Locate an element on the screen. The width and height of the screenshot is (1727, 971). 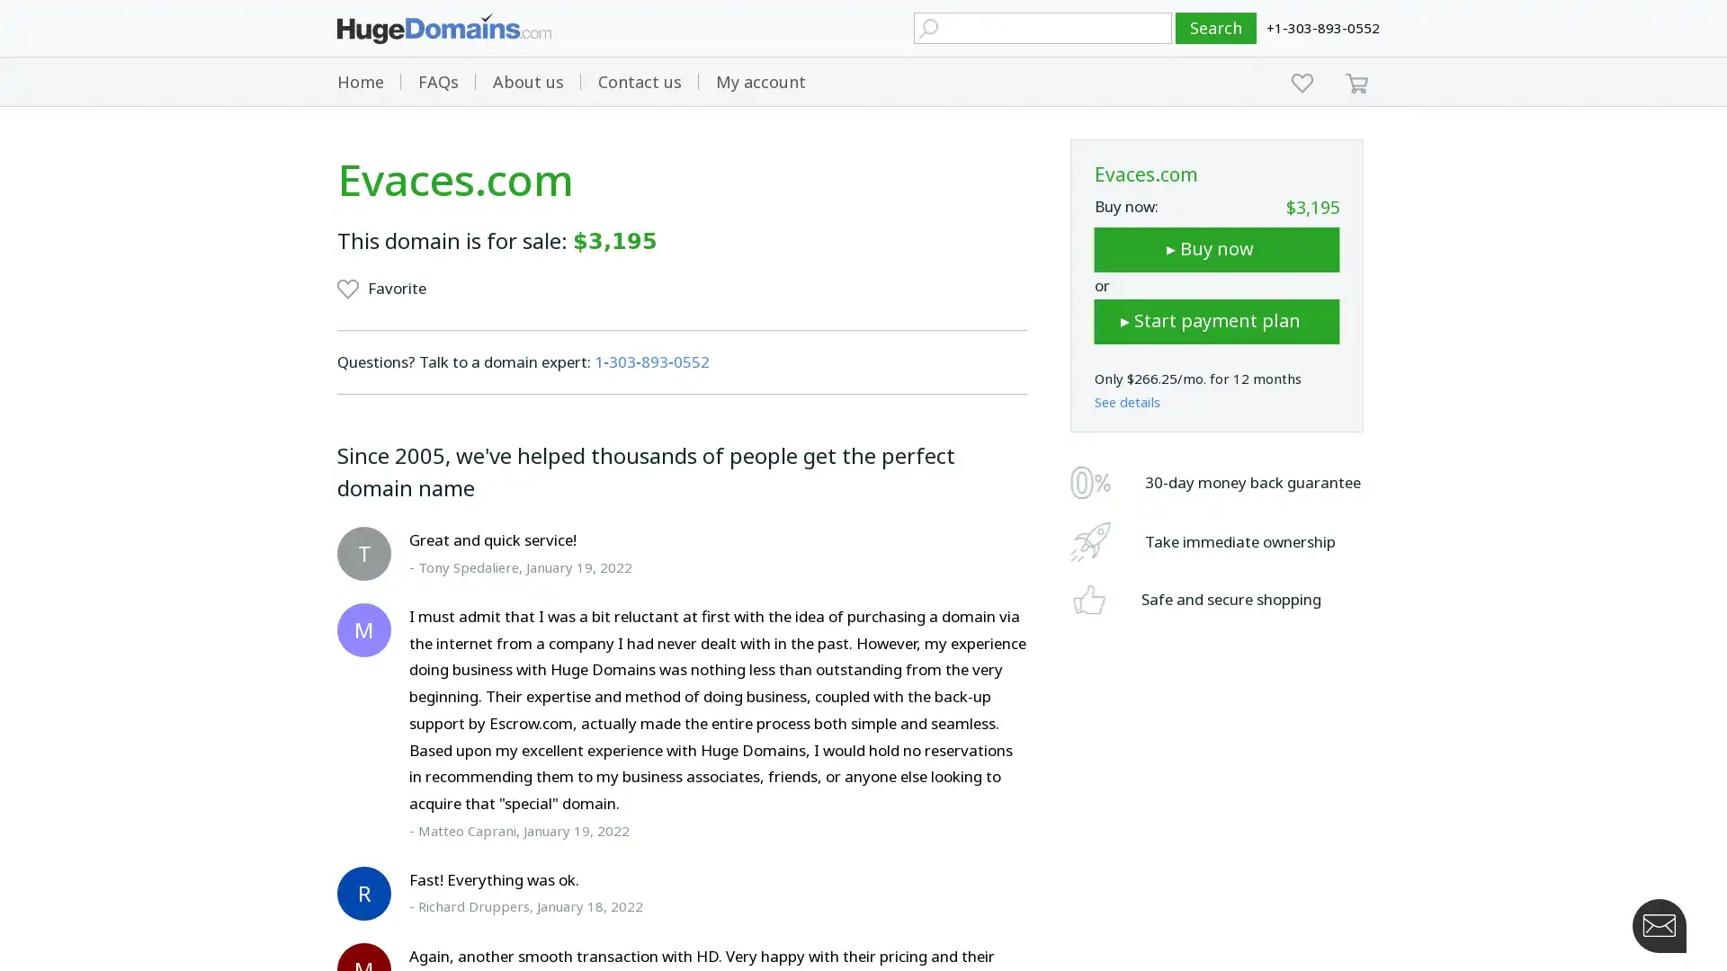
Search is located at coordinates (1216, 28).